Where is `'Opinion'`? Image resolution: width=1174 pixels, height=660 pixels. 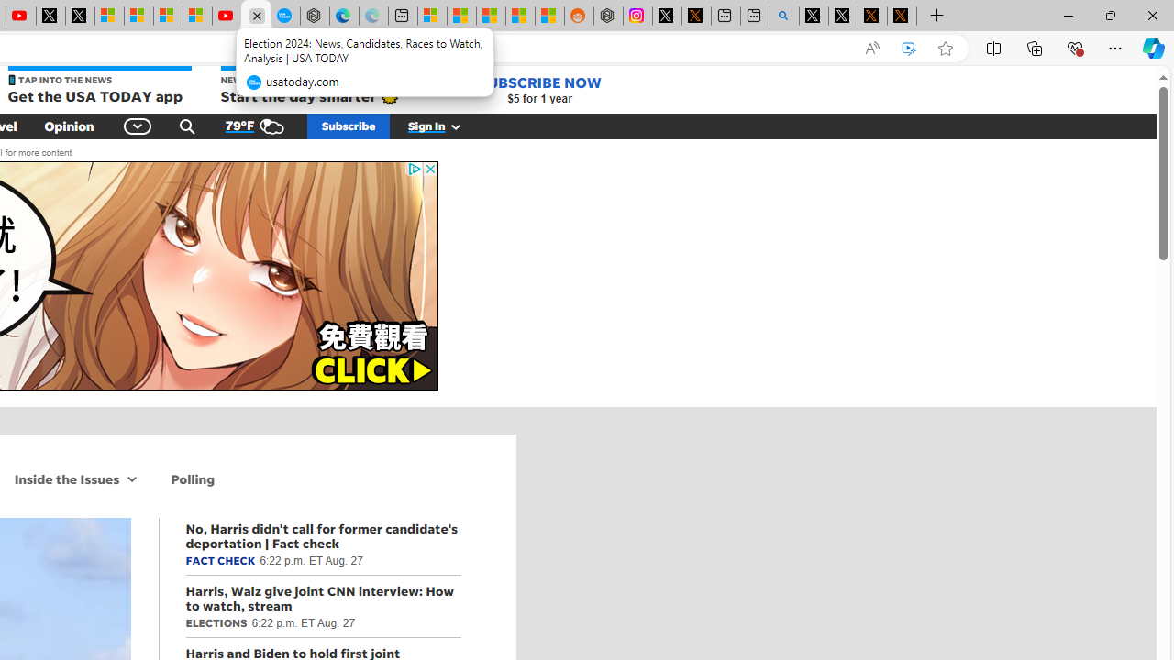 'Opinion' is located at coordinates (69, 125).